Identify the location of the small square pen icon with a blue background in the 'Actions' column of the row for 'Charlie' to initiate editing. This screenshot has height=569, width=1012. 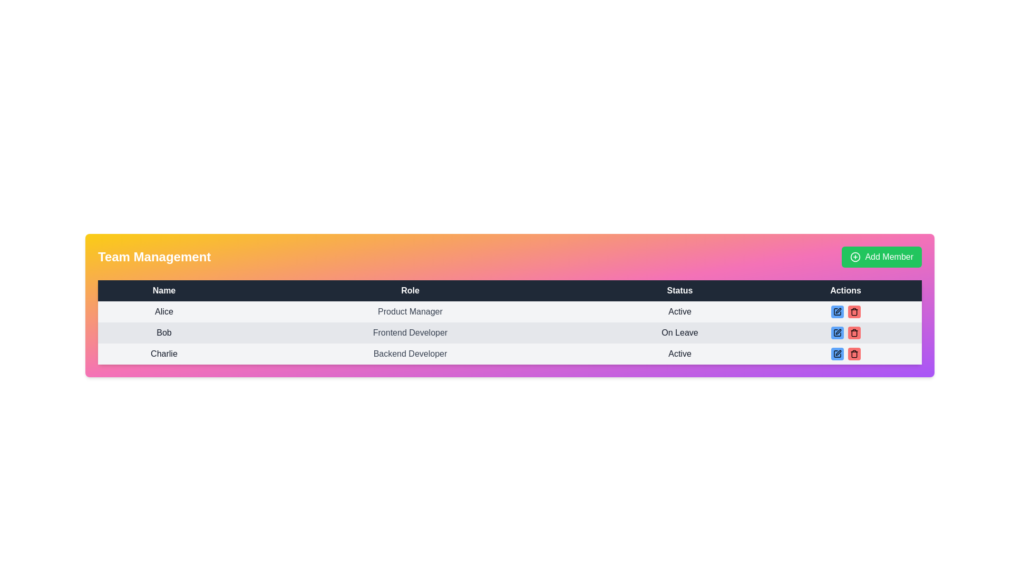
(836, 354).